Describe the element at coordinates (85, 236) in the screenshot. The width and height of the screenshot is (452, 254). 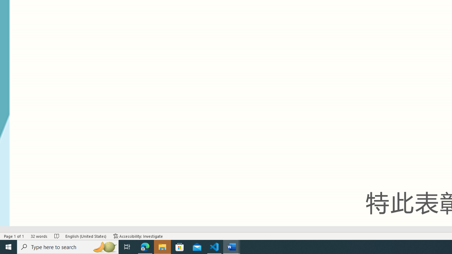
I see `'Language English (United States)'` at that location.